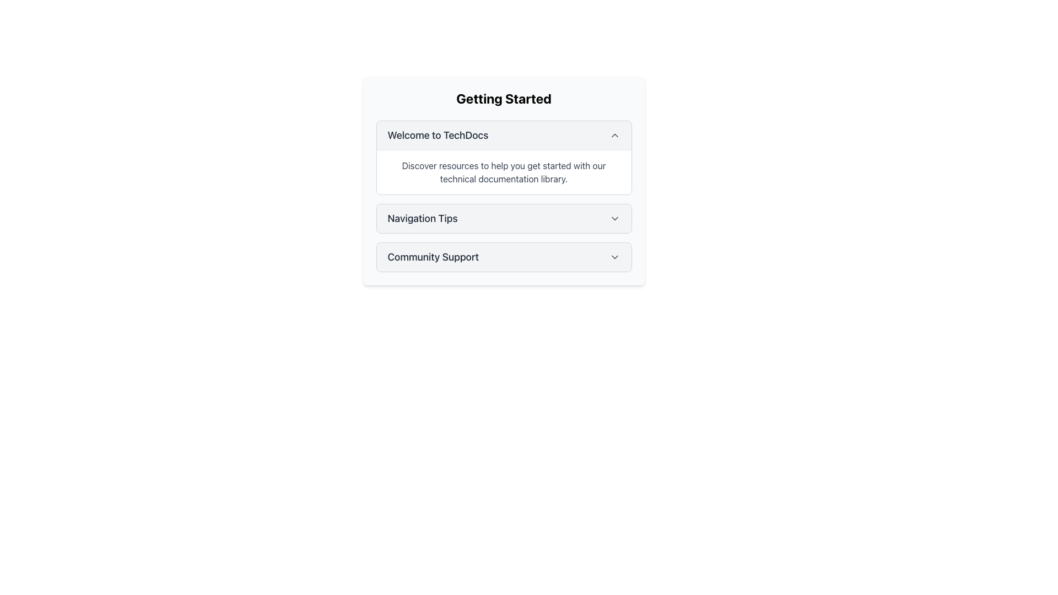  What do you see at coordinates (503, 158) in the screenshot?
I see `the first collapsible panel in the UI accordion located below the 'Getting Started' header` at bounding box center [503, 158].